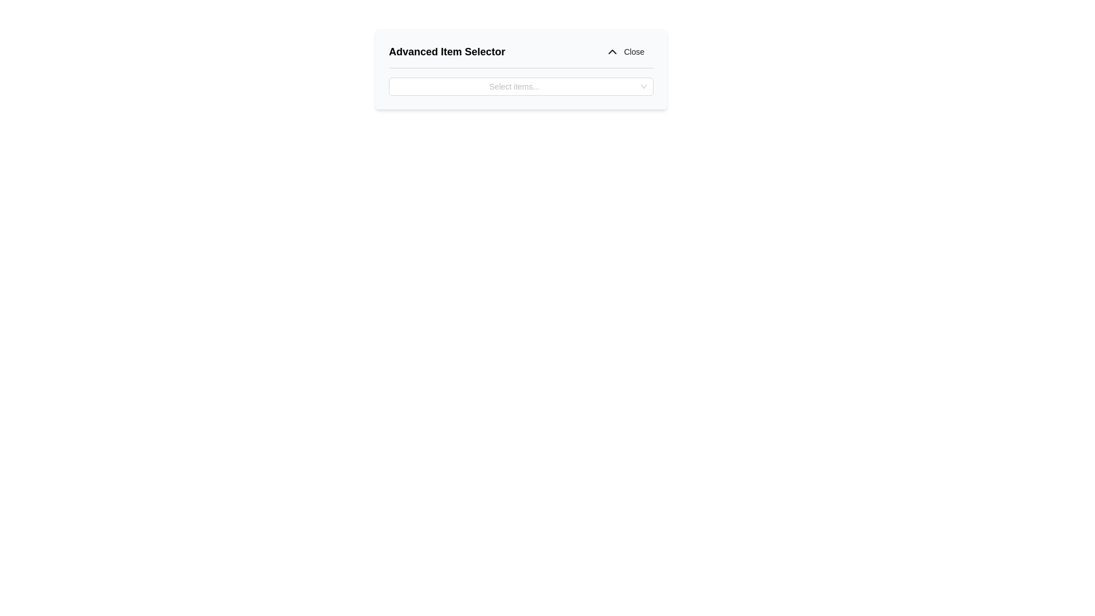 This screenshot has width=1095, height=616. What do you see at coordinates (514, 86) in the screenshot?
I see `the dropdown placeholder text indicating no item has been selected, located inside the 'Advanced Item Selector' dropdown area` at bounding box center [514, 86].